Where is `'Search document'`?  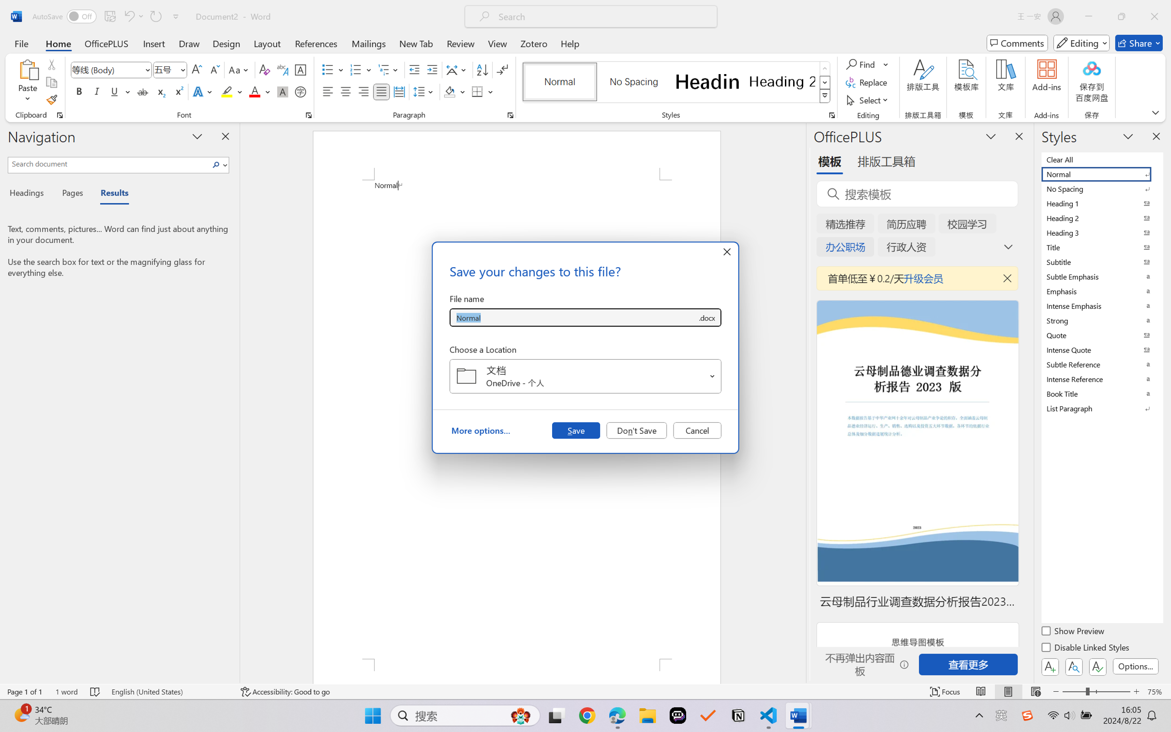 'Search document' is located at coordinates (109, 163).